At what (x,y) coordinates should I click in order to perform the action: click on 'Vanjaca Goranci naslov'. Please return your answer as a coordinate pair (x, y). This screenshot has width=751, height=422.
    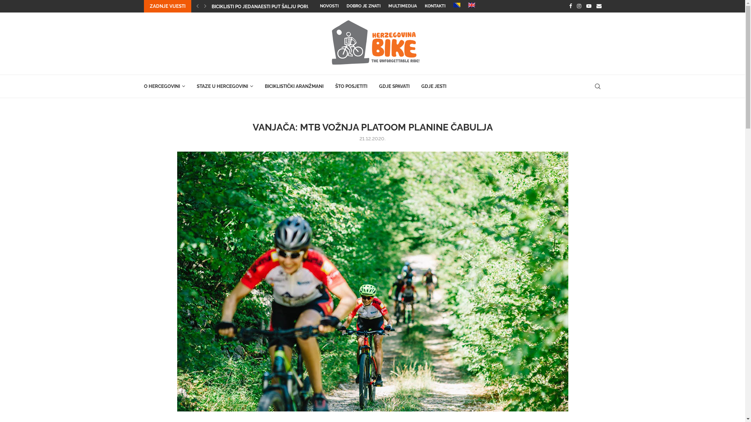
    Looking at the image, I should click on (372, 281).